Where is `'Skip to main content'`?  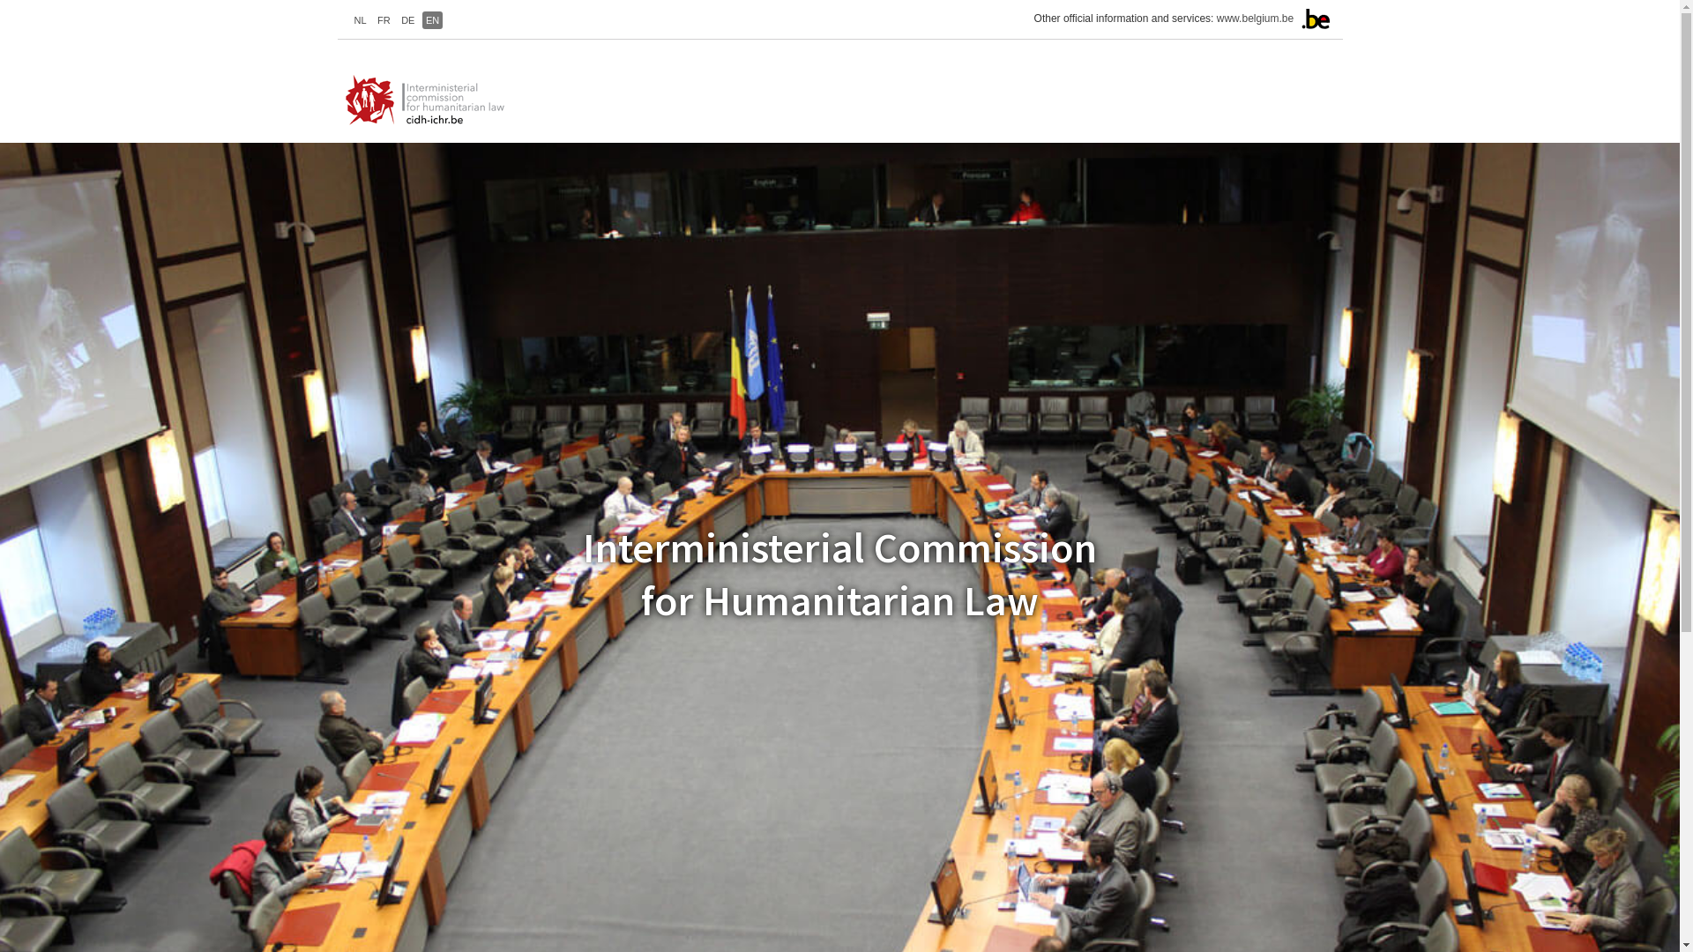
'Skip to main content' is located at coordinates (0, 0).